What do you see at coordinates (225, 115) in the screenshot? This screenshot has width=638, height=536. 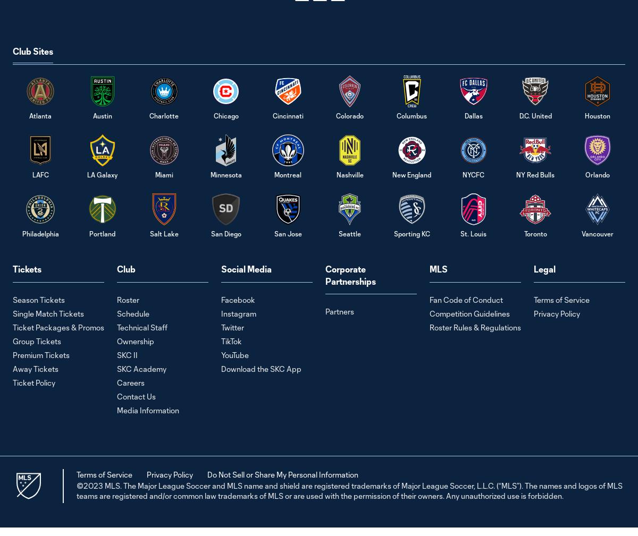 I see `'Chicago'` at bounding box center [225, 115].